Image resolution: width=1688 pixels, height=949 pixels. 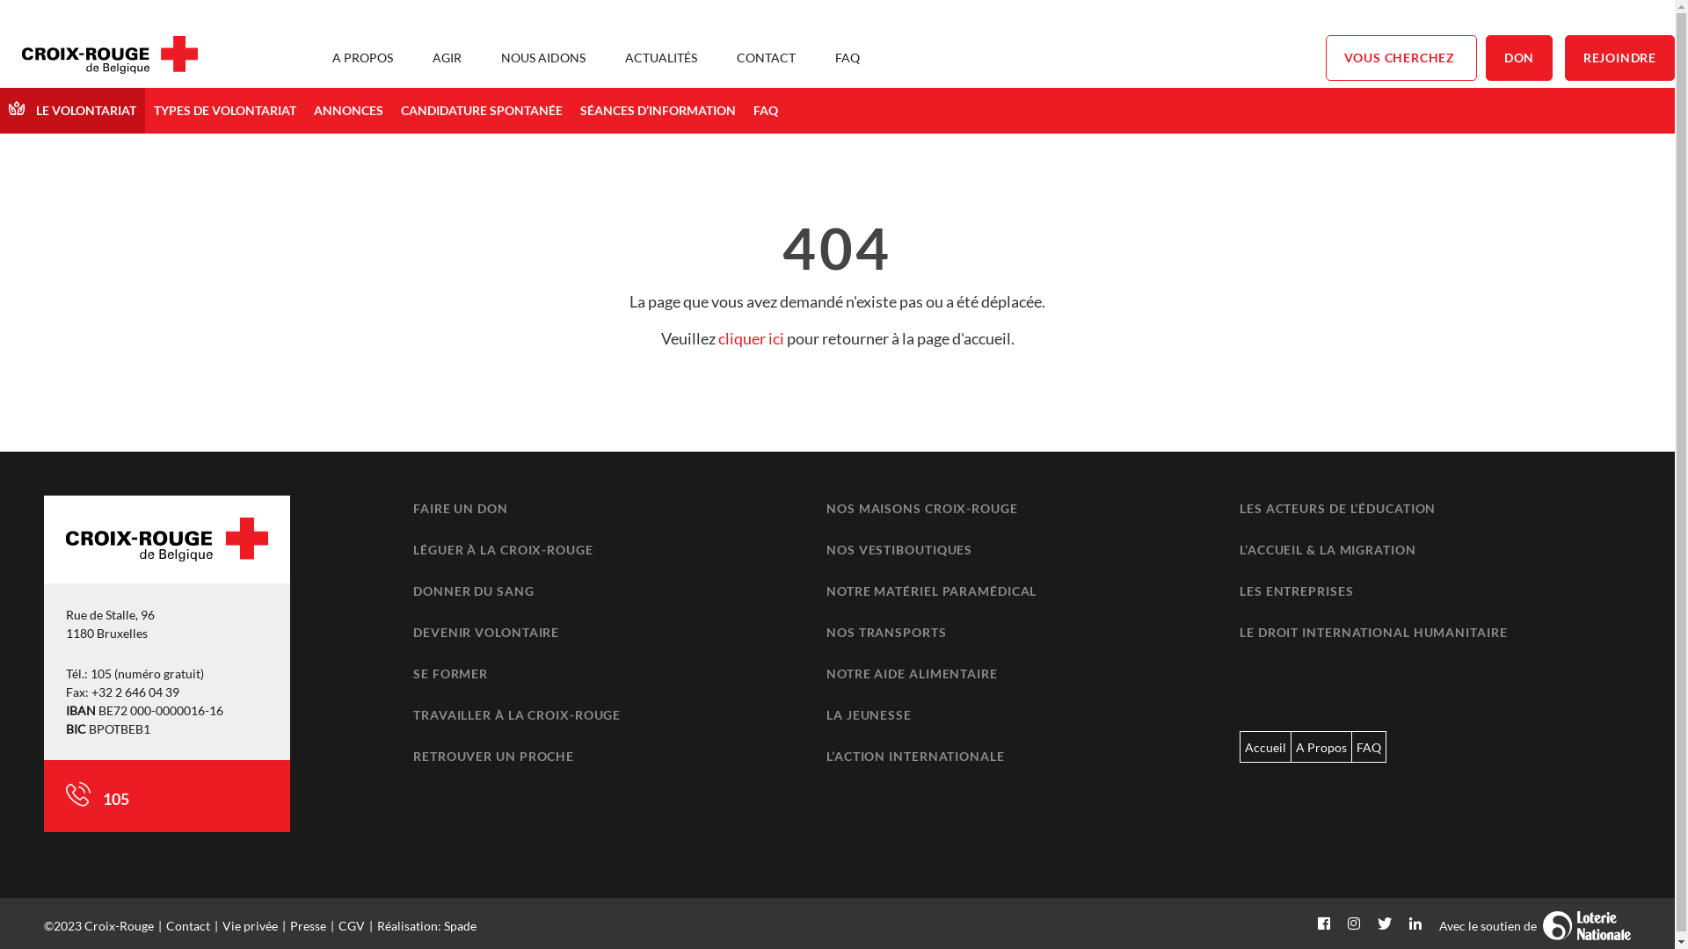 I want to click on 'NOTRE AIDE ALIMENTAIRE', so click(x=912, y=672).